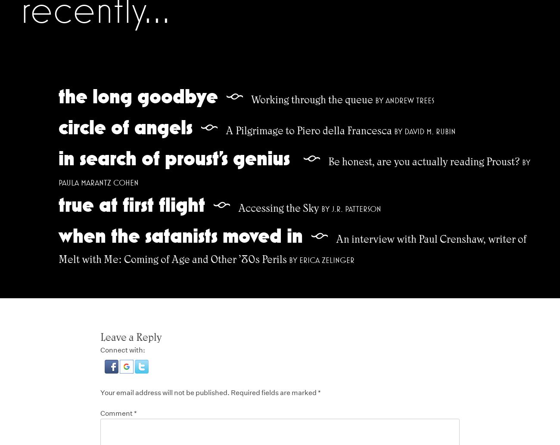 The width and height of the screenshot is (560, 445). Describe the element at coordinates (321, 260) in the screenshot. I see `'by Erica Zelinger'` at that location.